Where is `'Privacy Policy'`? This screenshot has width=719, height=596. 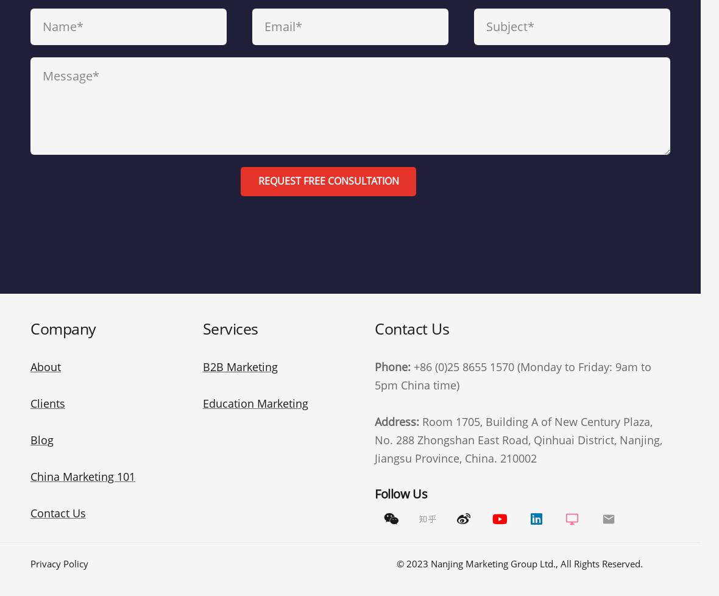
'Privacy Policy' is located at coordinates (58, 562).